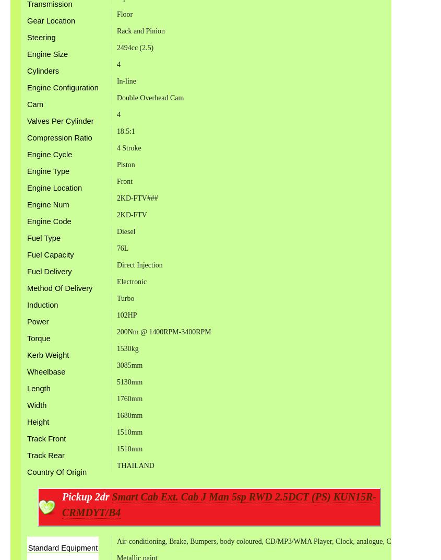 The height and width of the screenshot is (560, 441). I want to click on 'Power', so click(26, 321).